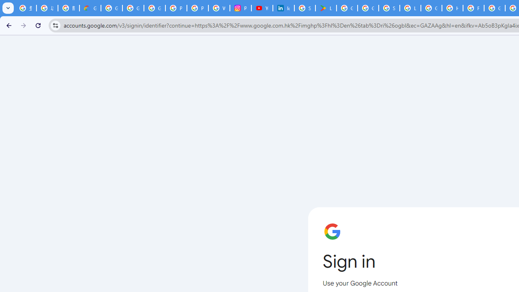  I want to click on 'How do I create a new Google Account? - Google Account Help', so click(452, 8).